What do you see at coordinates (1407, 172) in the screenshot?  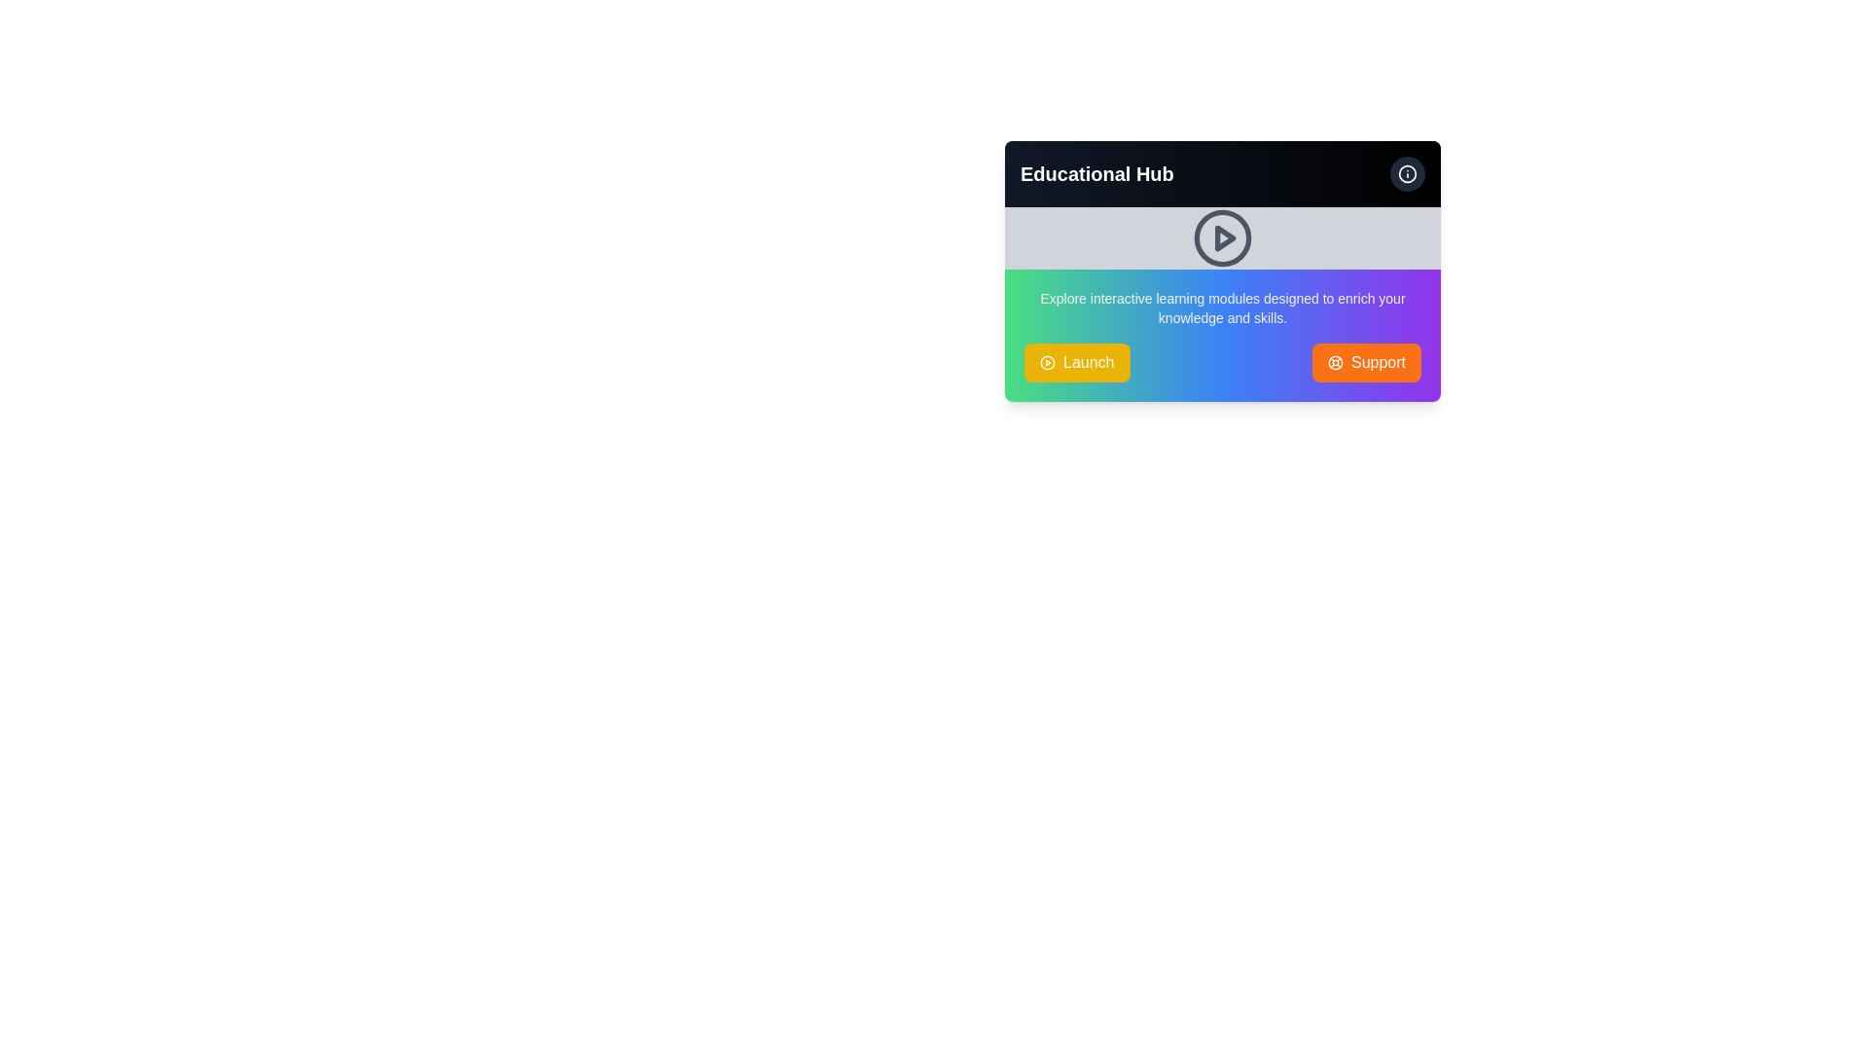 I see `the circular icon button with a white border located in the top-right corner of the 'Educational Hub' card` at bounding box center [1407, 172].